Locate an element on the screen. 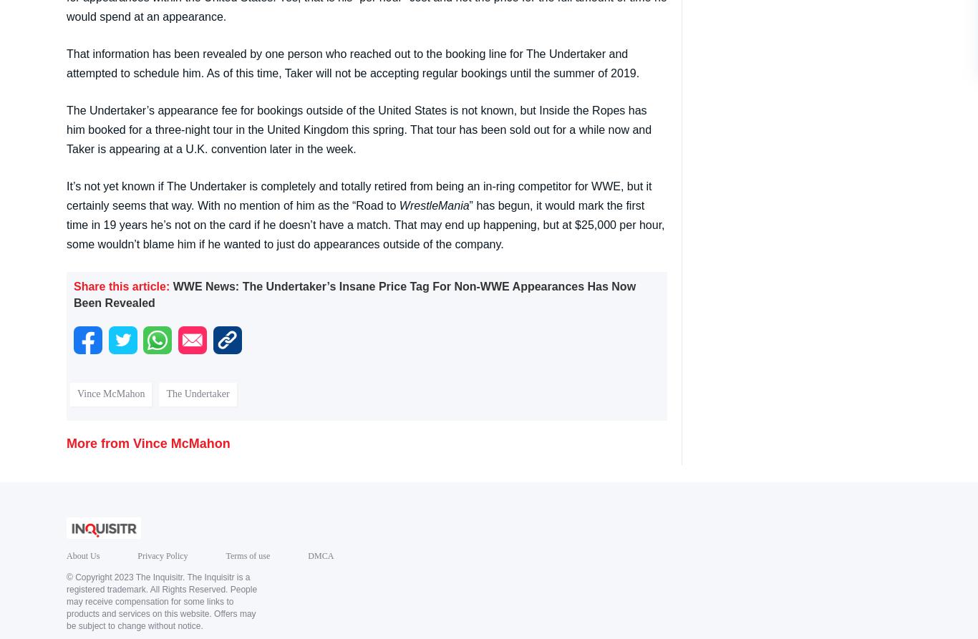 The height and width of the screenshot is (639, 978). 'It’s not yet known if The Undertaker is completely and totally retired from being an in-ring competitor for WWE, but it certainly seems that way. With no mention of him as the “Road to' is located at coordinates (359, 194).